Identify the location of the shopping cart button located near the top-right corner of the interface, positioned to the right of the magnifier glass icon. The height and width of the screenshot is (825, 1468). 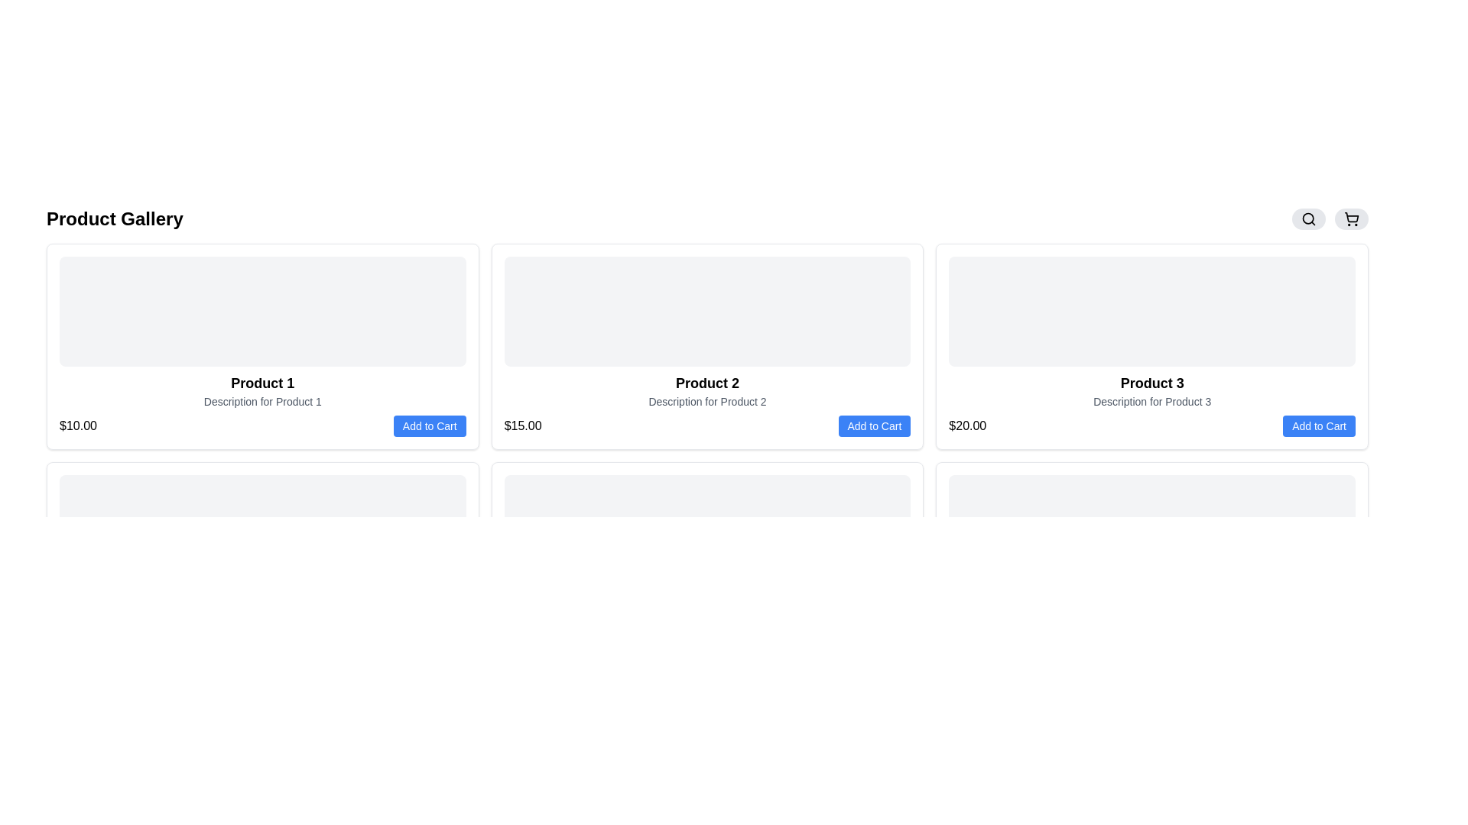
(1351, 218).